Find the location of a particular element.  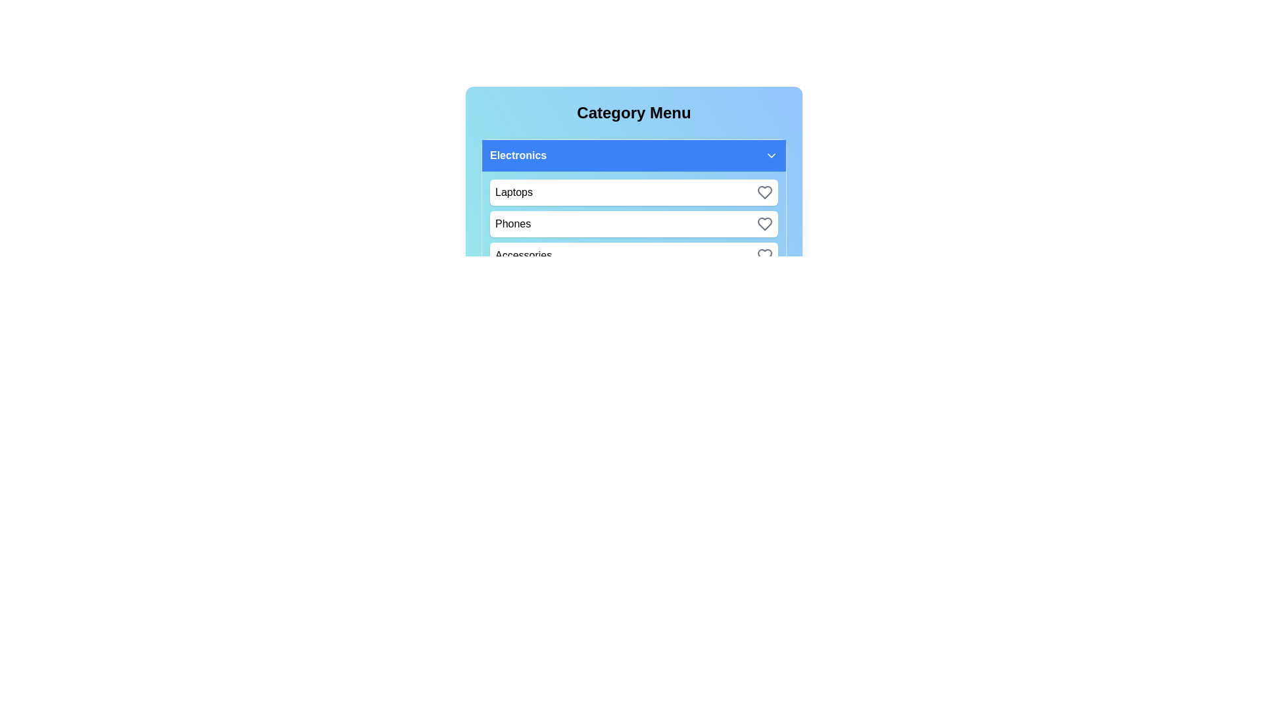

the 'Phones' menu item within the 'Electronics' dropdown menu for additional options is located at coordinates (634, 223).